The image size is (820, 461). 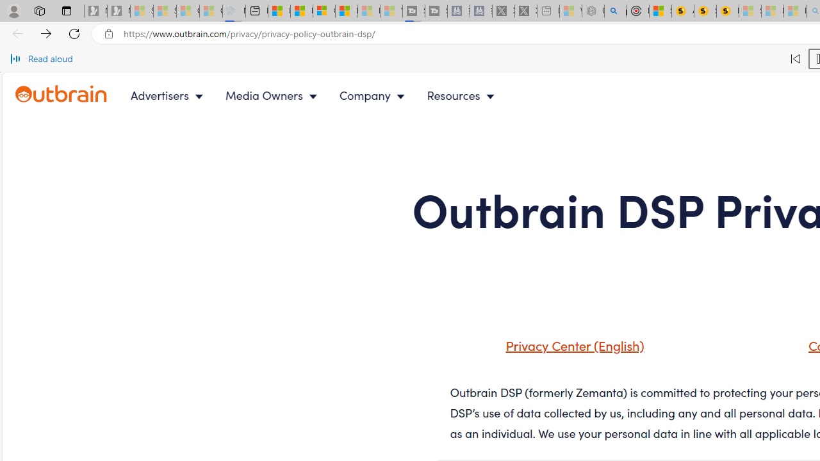 What do you see at coordinates (61, 93) in the screenshot?
I see `'Outbrain logo - link to homepage'` at bounding box center [61, 93].